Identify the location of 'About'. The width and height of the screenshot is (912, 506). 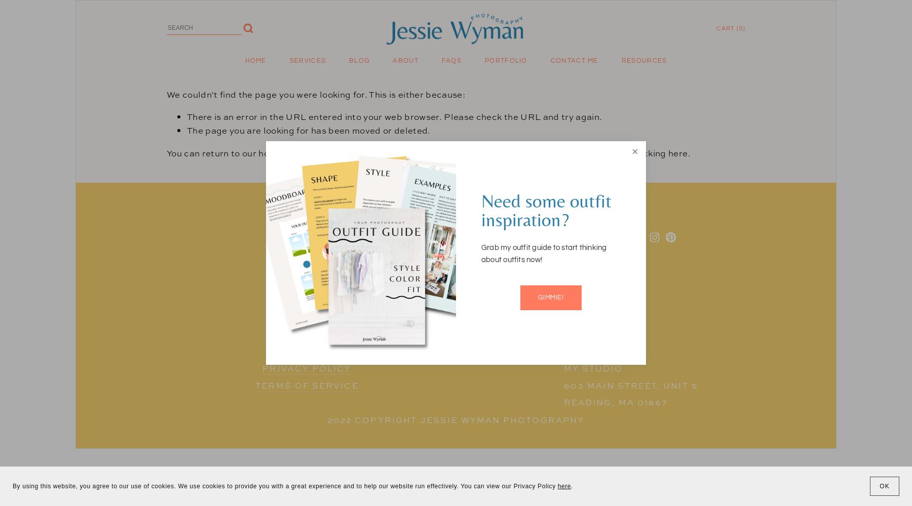
(405, 60).